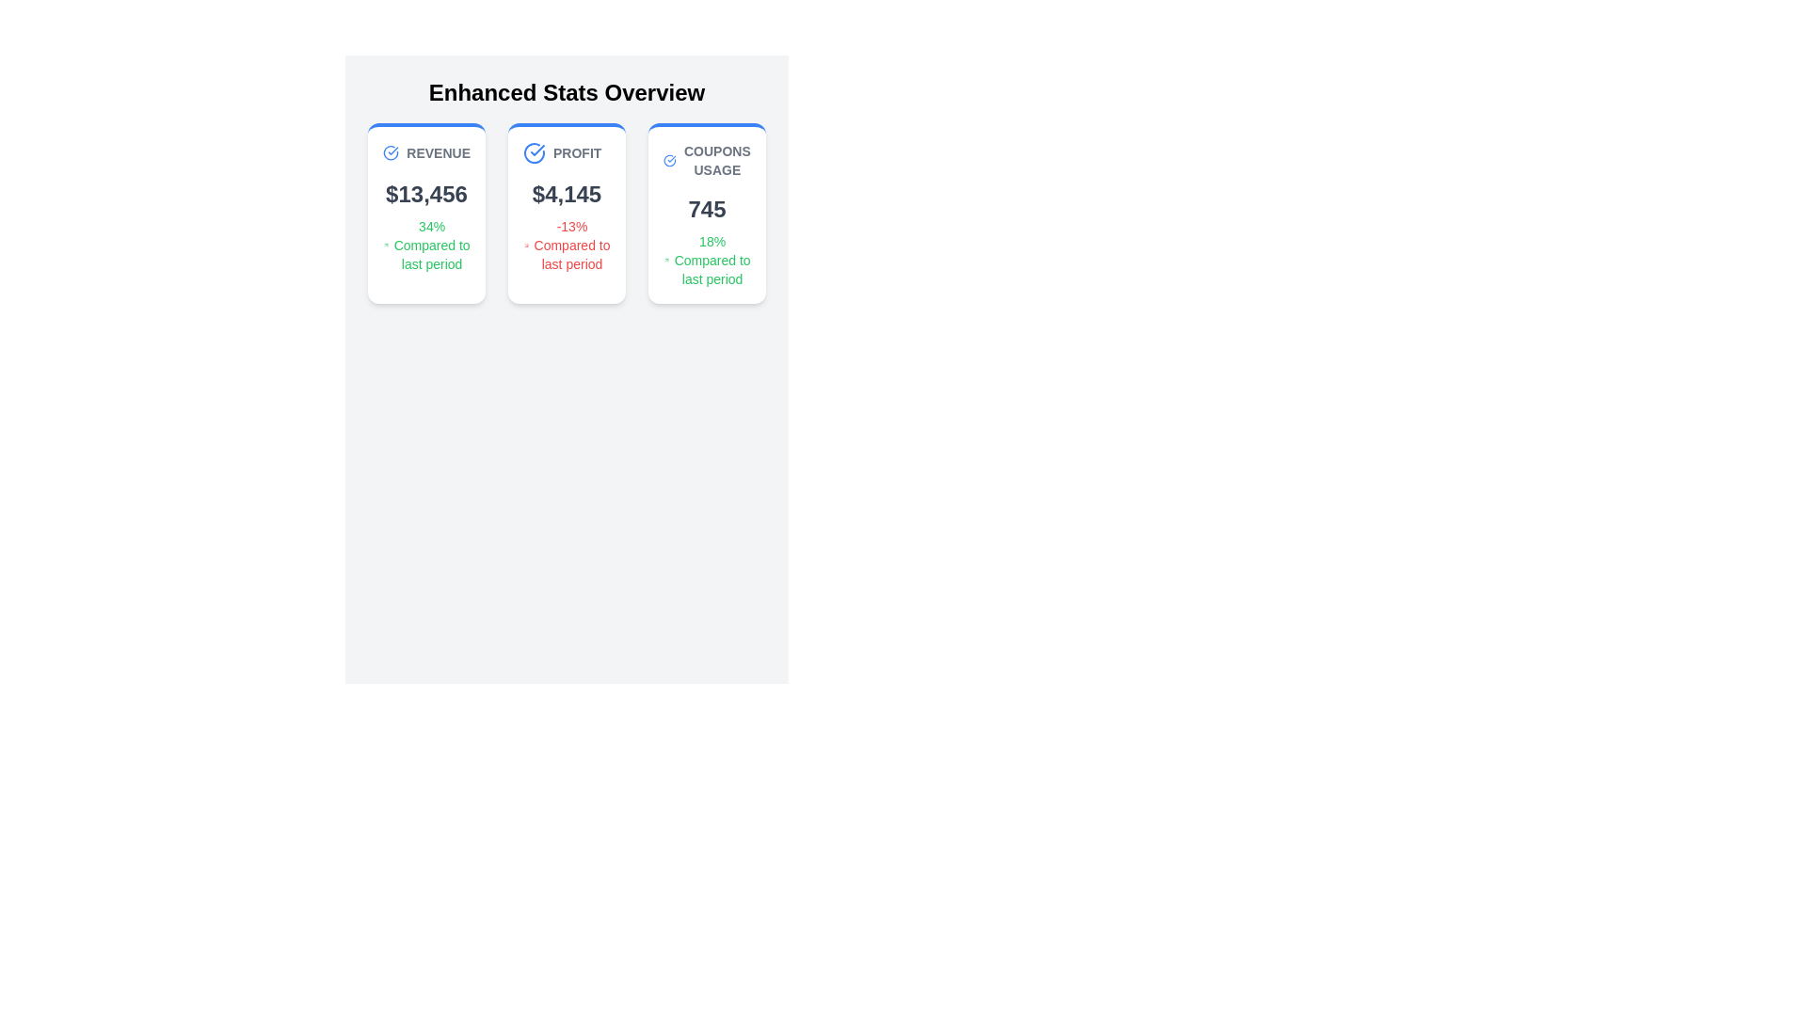 The width and height of the screenshot is (1807, 1016). I want to click on green text displaying '34% Compared to last period' located in the 'REVENUE' card below the monetary value of $13,456, so click(431, 245).